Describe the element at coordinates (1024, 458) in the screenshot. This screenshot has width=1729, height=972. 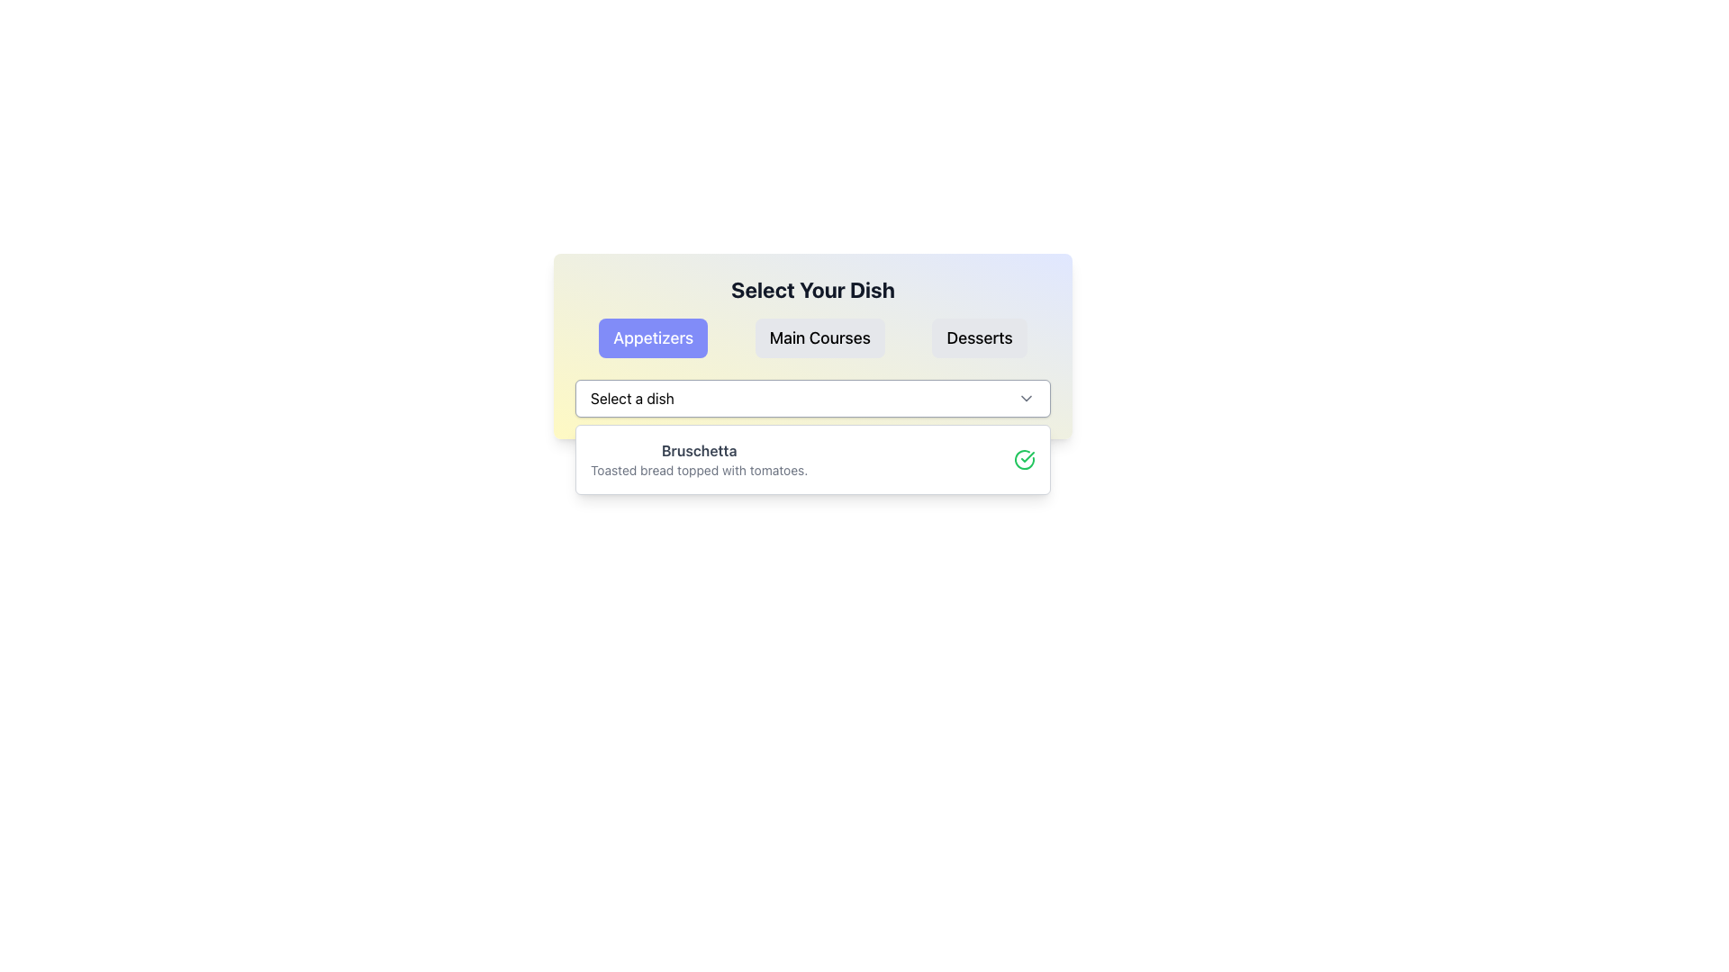
I see `the green circular checkmark icon located to the right of the 'Bruschetta - Toasted bread topped with tomatoes.' description` at that location.